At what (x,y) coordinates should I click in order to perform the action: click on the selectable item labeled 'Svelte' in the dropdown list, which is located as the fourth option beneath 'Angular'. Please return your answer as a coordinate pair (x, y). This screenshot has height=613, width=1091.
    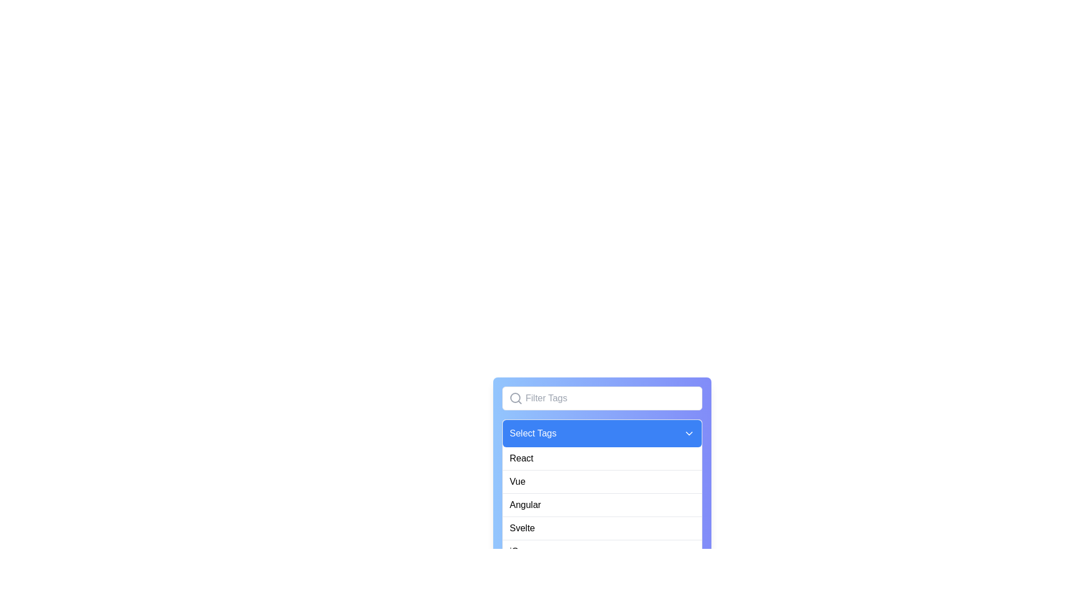
    Looking at the image, I should click on (602, 528).